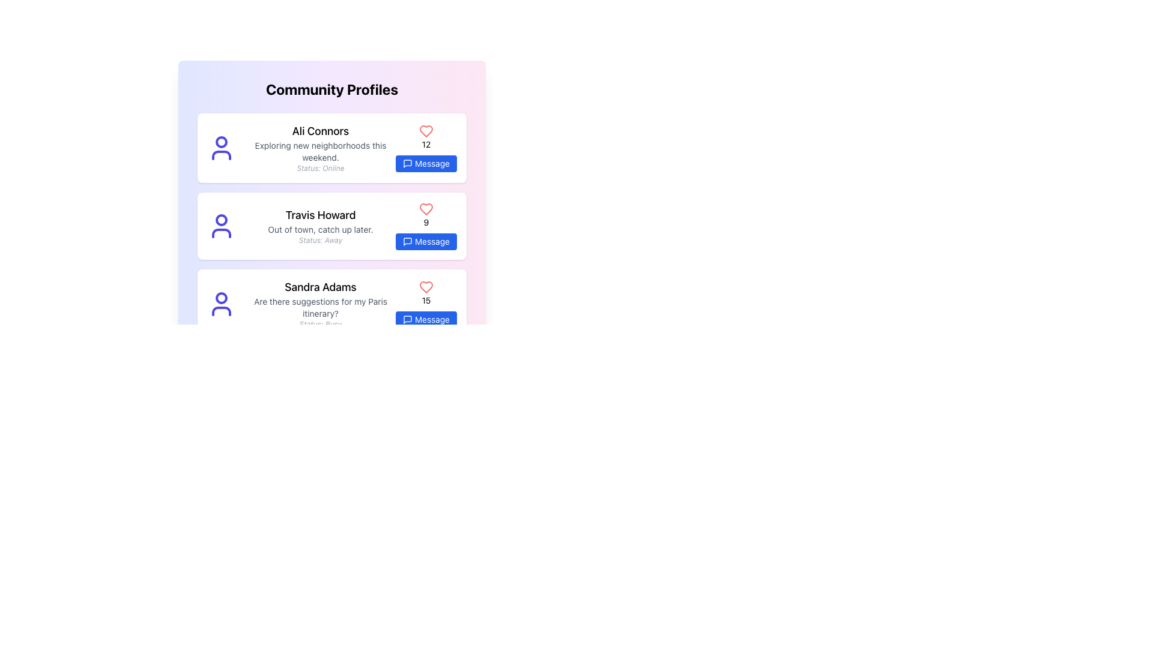 The image size is (1153, 648). What do you see at coordinates (320, 307) in the screenshot?
I see `the text label displaying 'Are there suggestions for my Paris itinerary?' located within Sandra Adams' profile card` at bounding box center [320, 307].